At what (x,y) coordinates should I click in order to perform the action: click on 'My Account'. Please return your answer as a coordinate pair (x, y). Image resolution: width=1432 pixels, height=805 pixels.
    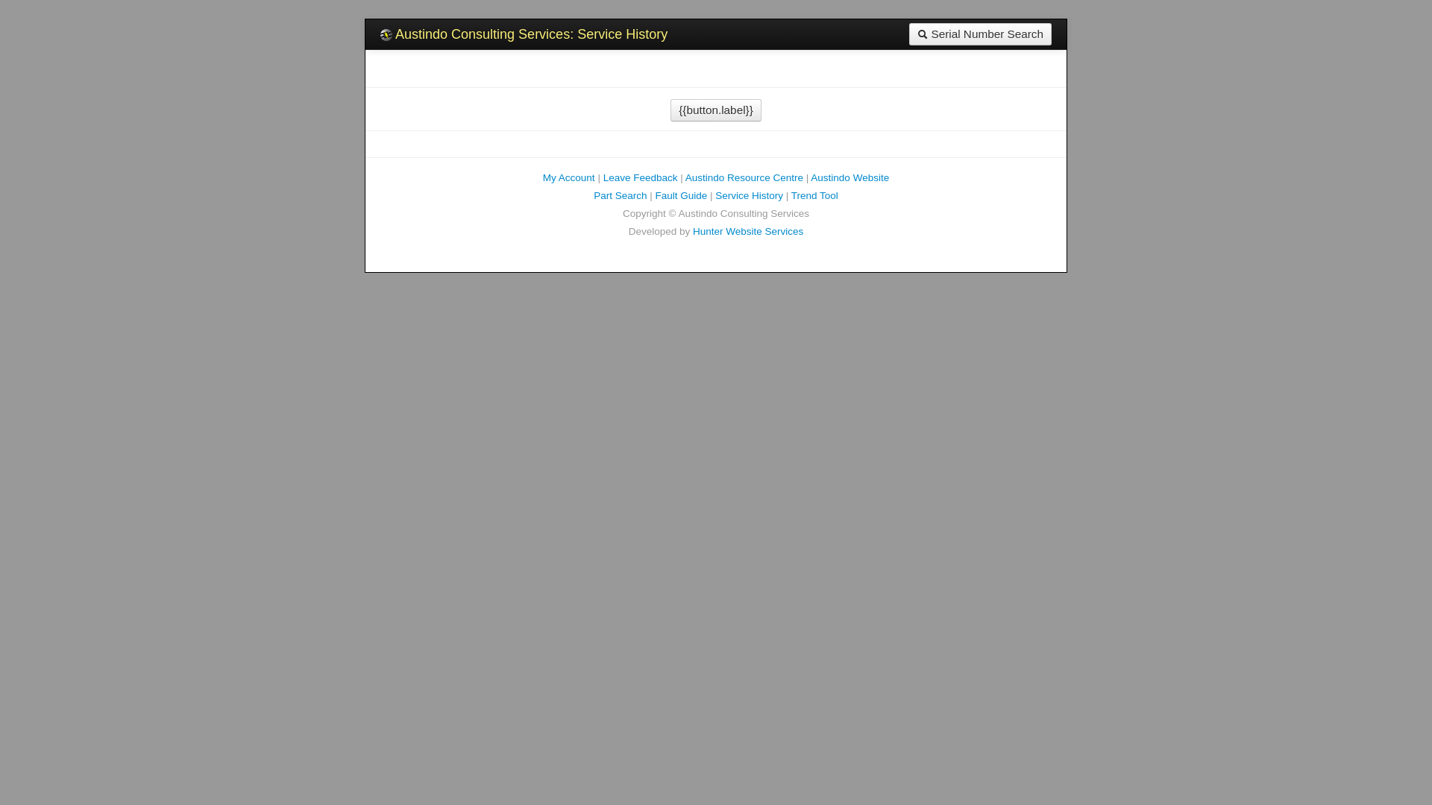
    Looking at the image, I should click on (568, 177).